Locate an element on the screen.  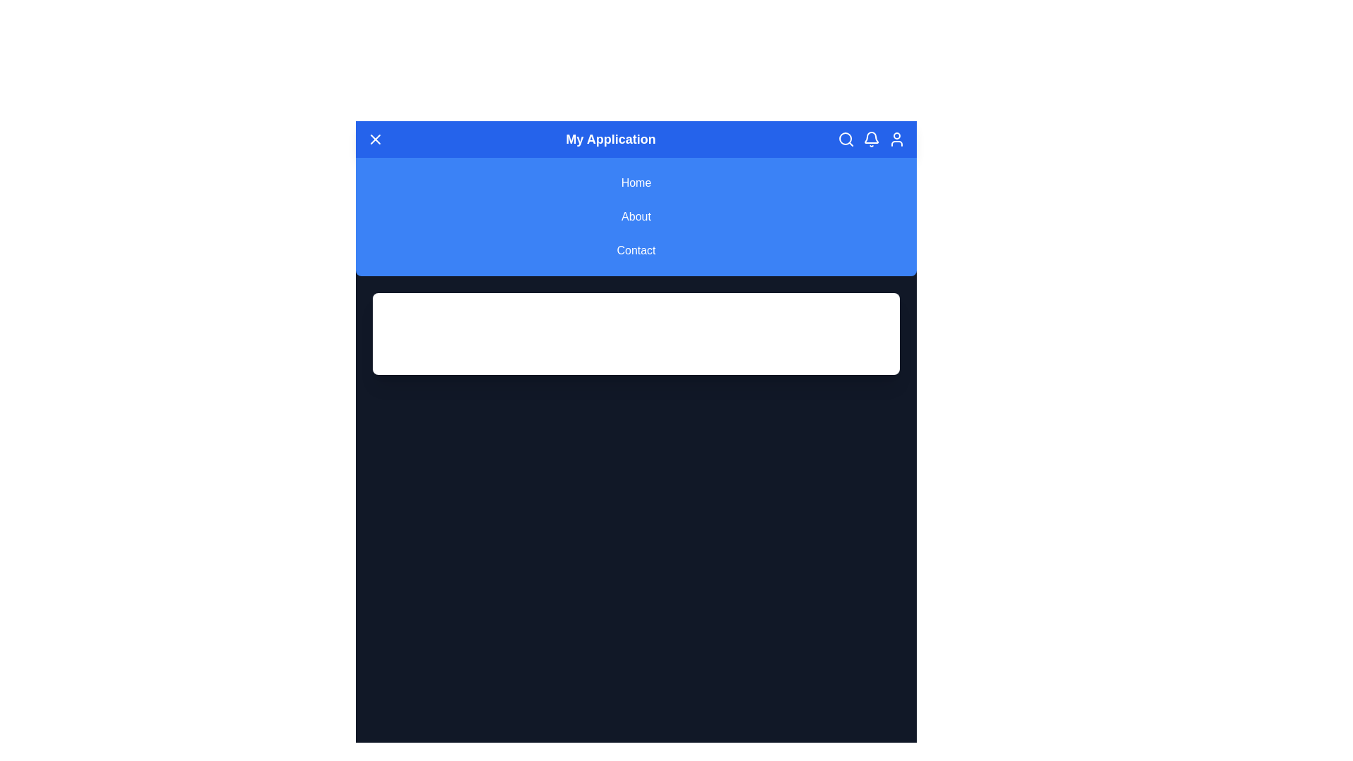
the user profile icon in the header is located at coordinates (896, 139).